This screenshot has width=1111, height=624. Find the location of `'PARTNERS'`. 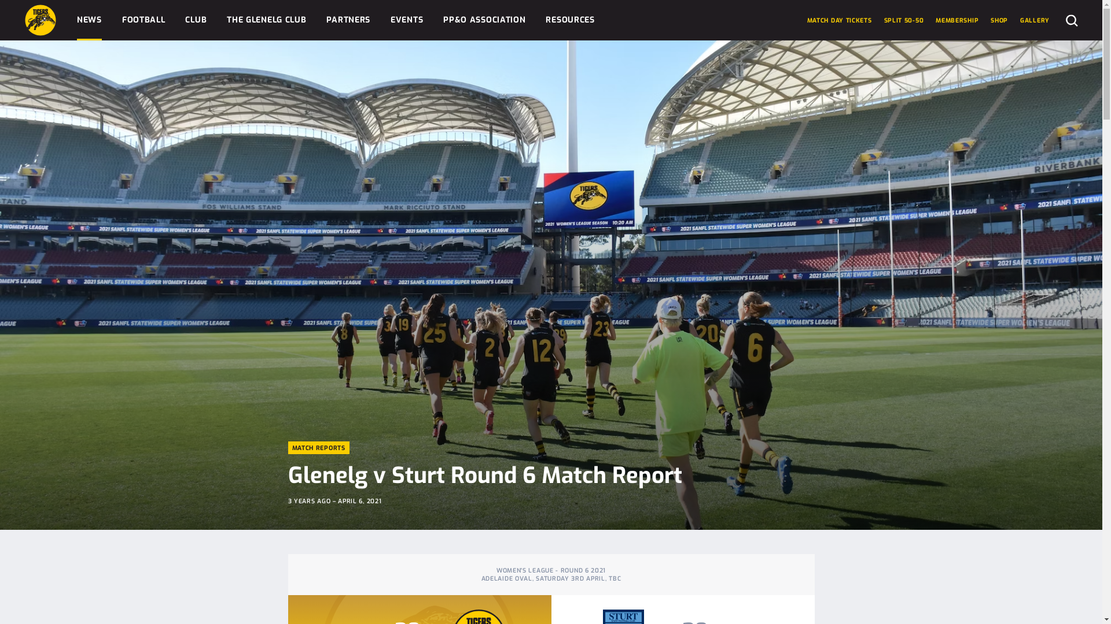

'PARTNERS' is located at coordinates (347, 20).